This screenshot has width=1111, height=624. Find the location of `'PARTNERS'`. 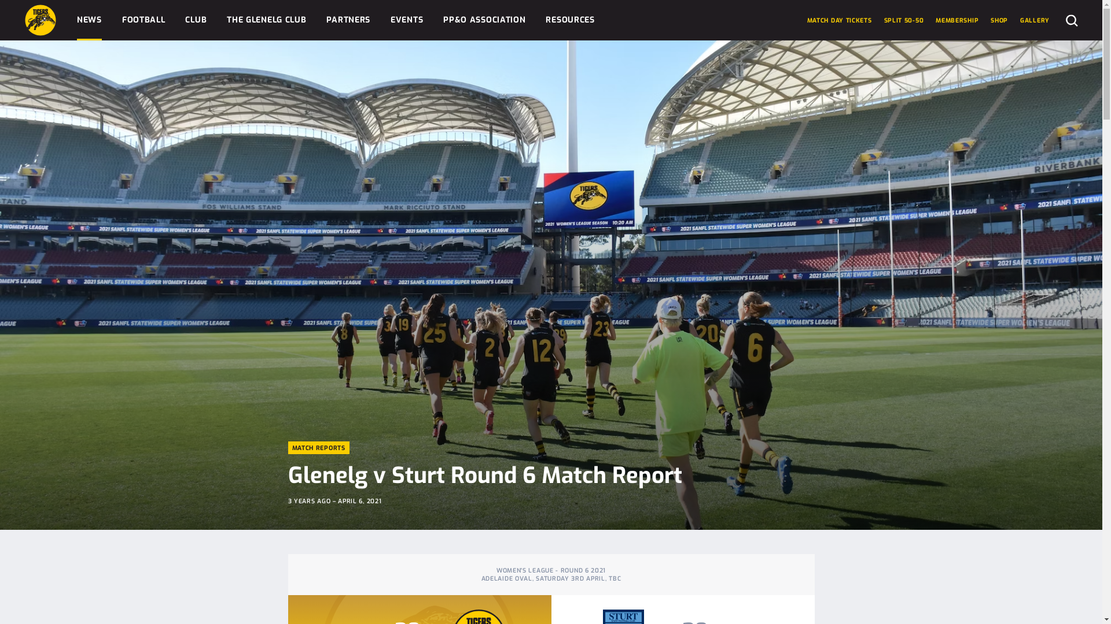

'PARTNERS' is located at coordinates (347, 20).